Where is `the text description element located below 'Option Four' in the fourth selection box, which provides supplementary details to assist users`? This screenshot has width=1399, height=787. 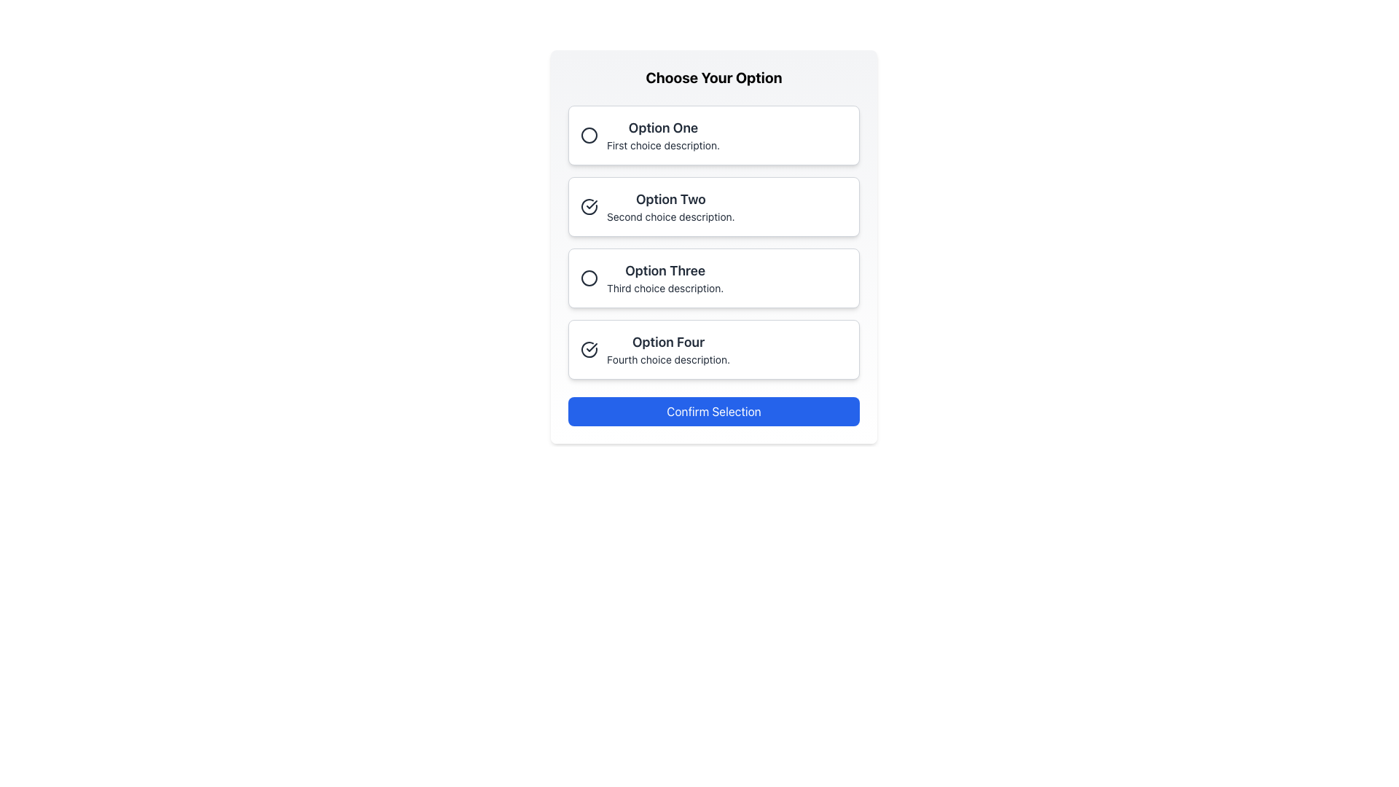 the text description element located below 'Option Four' in the fourth selection box, which provides supplementary details to assist users is located at coordinates (667, 359).